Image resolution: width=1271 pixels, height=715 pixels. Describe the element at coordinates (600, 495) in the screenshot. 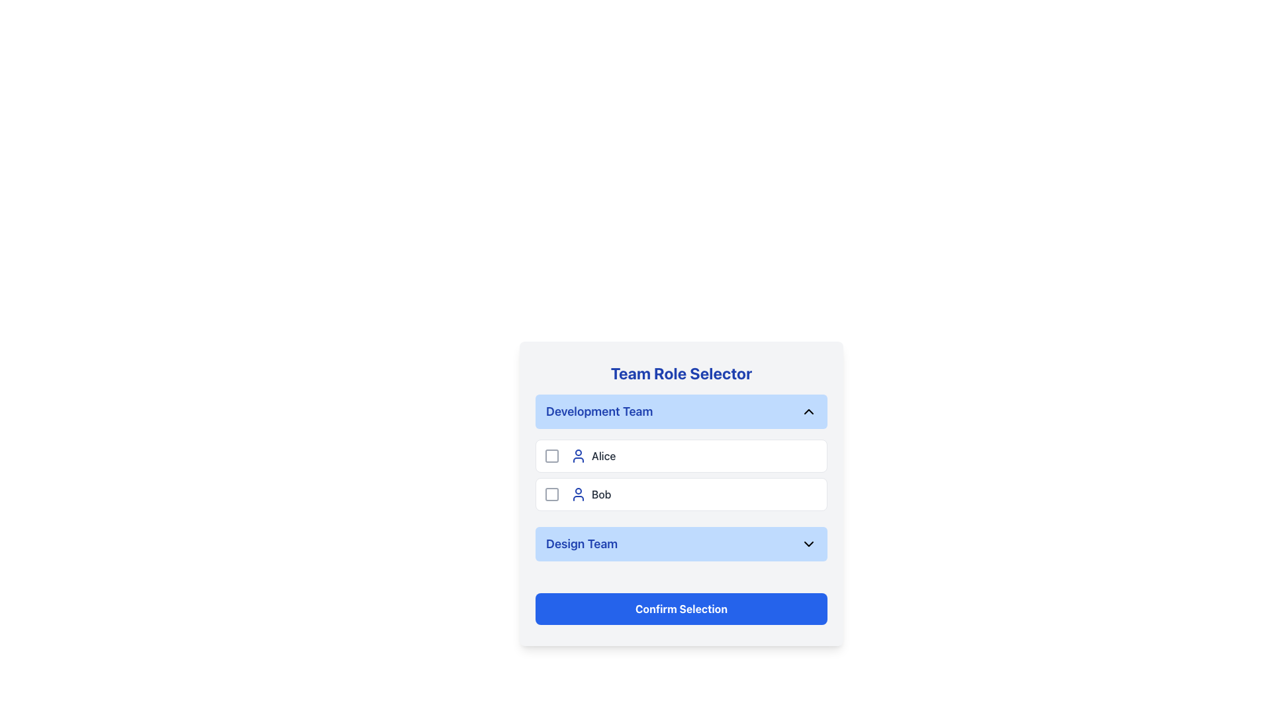

I see `the text label indicating the user name 'Bob' linked to the 'Development Team' role, positioned next to the user icon within the selection card` at that location.